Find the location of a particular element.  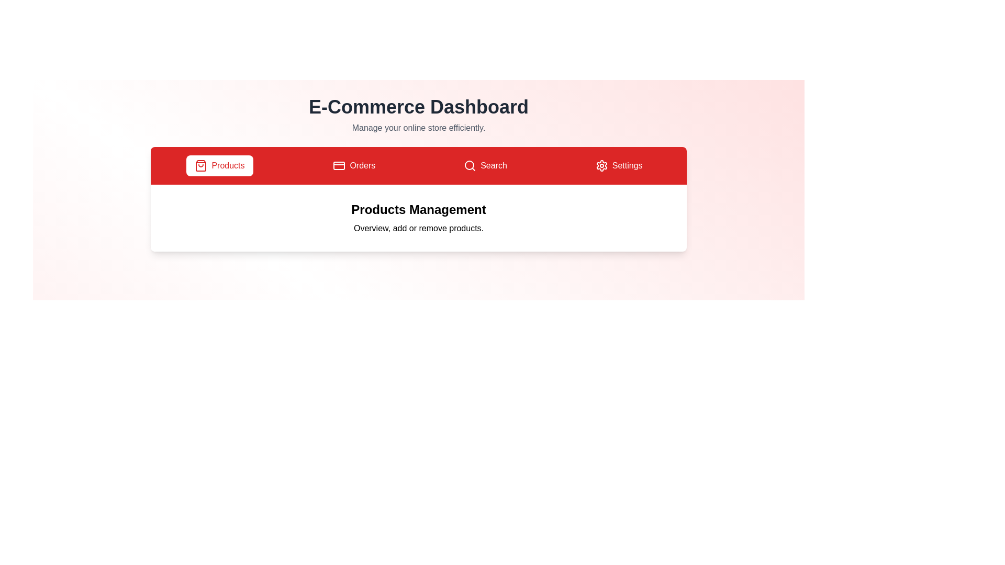

the first button in the navigation bar is located at coordinates (219, 165).